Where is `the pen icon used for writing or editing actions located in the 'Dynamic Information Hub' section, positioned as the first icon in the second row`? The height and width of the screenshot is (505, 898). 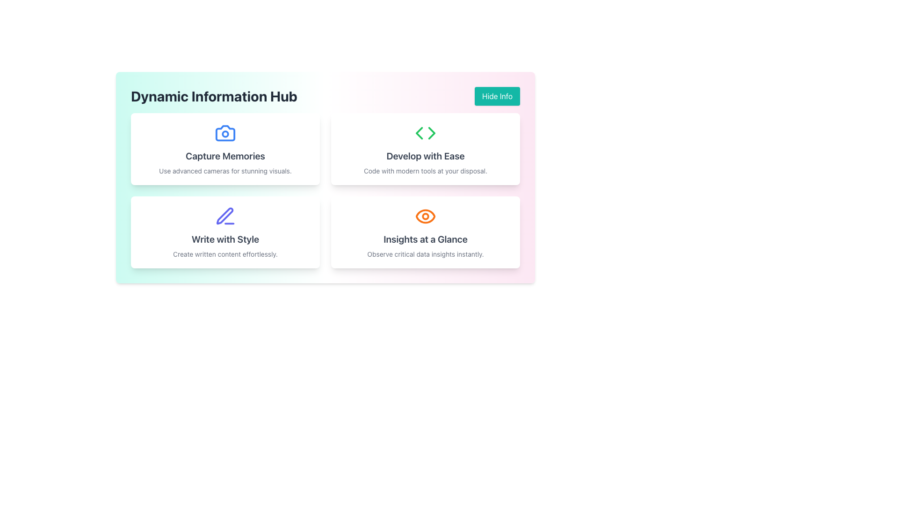
the pen icon used for writing or editing actions located in the 'Dynamic Information Hub' section, positioned as the first icon in the second row is located at coordinates (225, 216).